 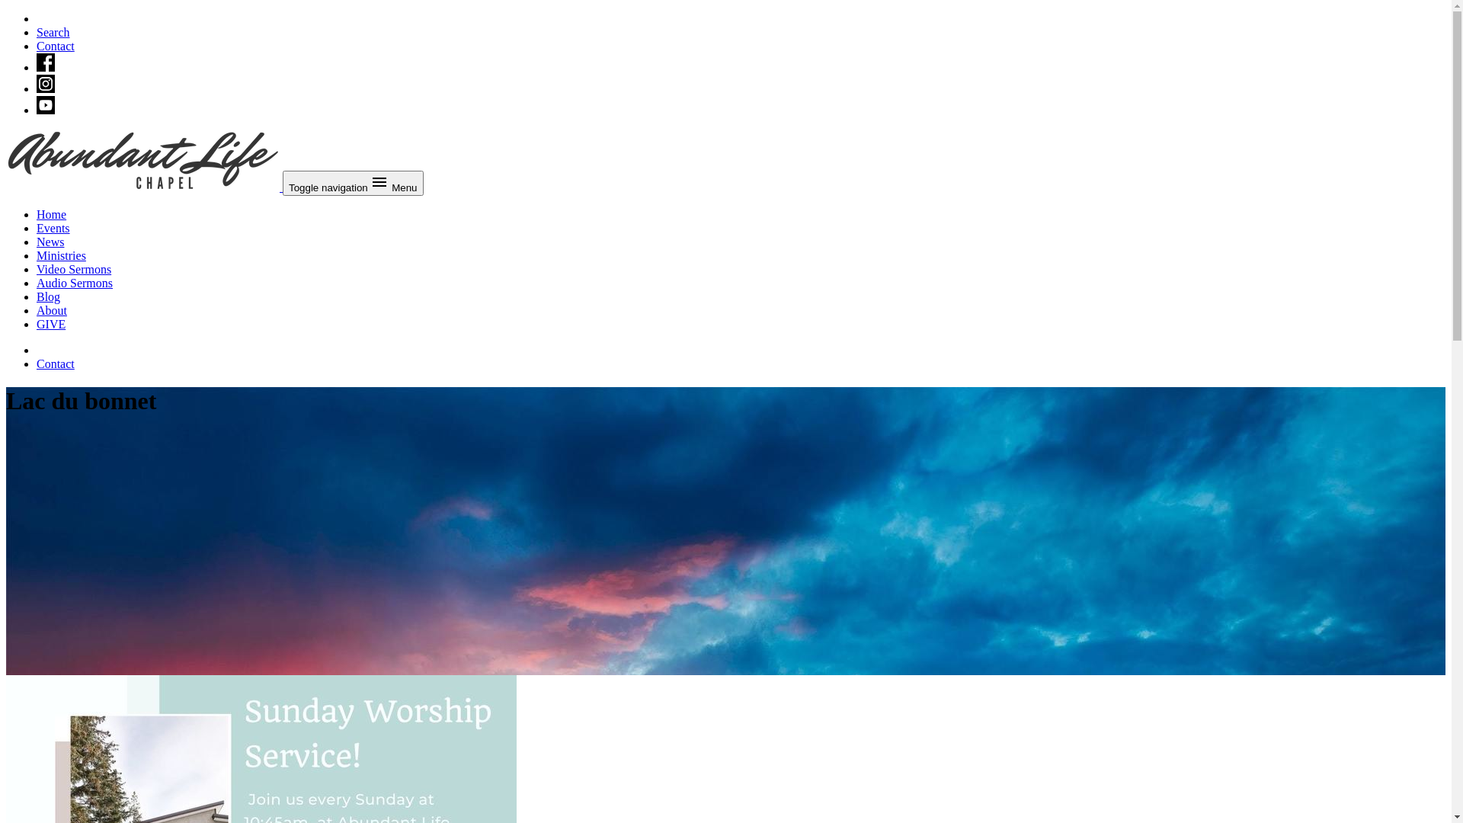 What do you see at coordinates (61, 255) in the screenshot?
I see `'Ministries'` at bounding box center [61, 255].